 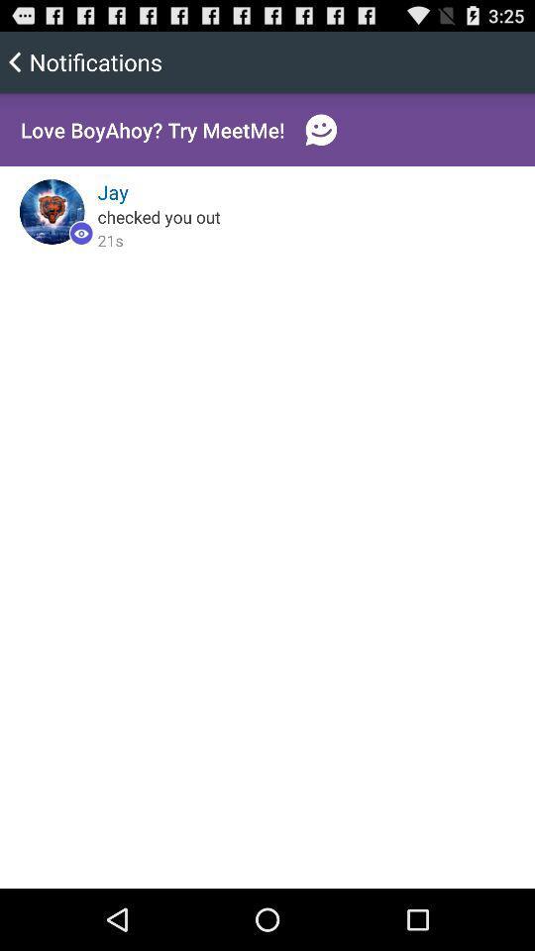 I want to click on icon below the jay, so click(x=158, y=216).